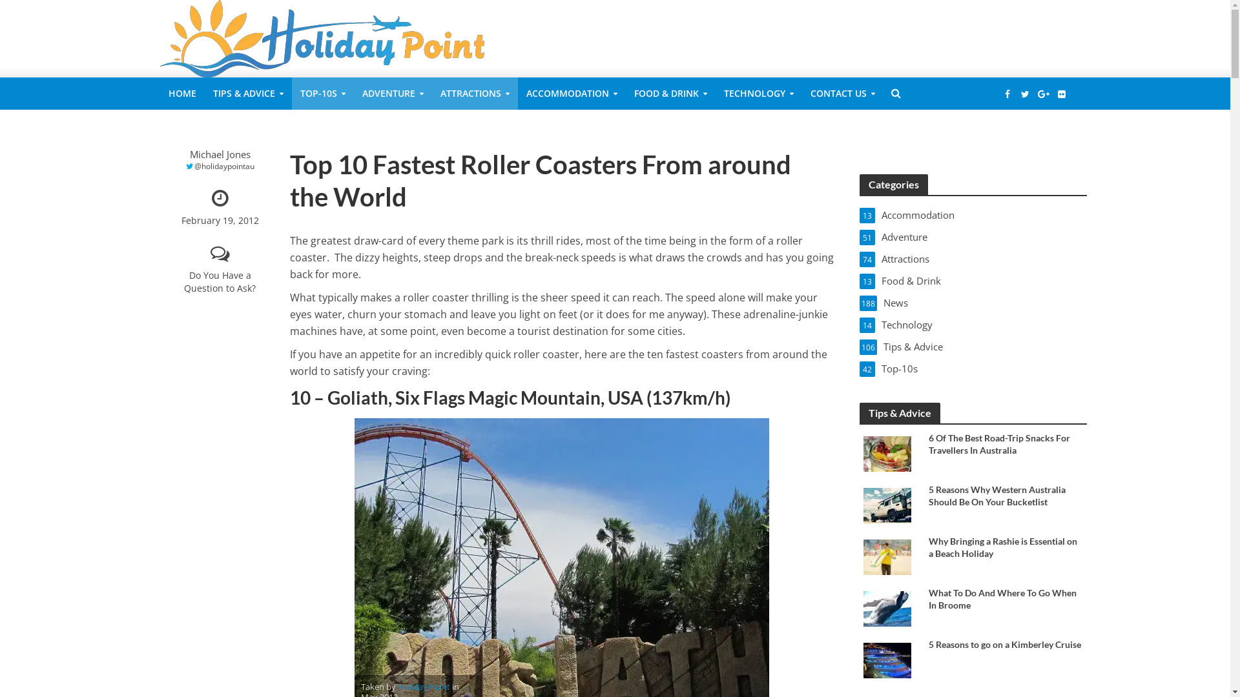 This screenshot has height=697, width=1240. Describe the element at coordinates (928, 547) in the screenshot. I see `'Why Bringing a Rashie is Essential on a Beach Holiday'` at that location.